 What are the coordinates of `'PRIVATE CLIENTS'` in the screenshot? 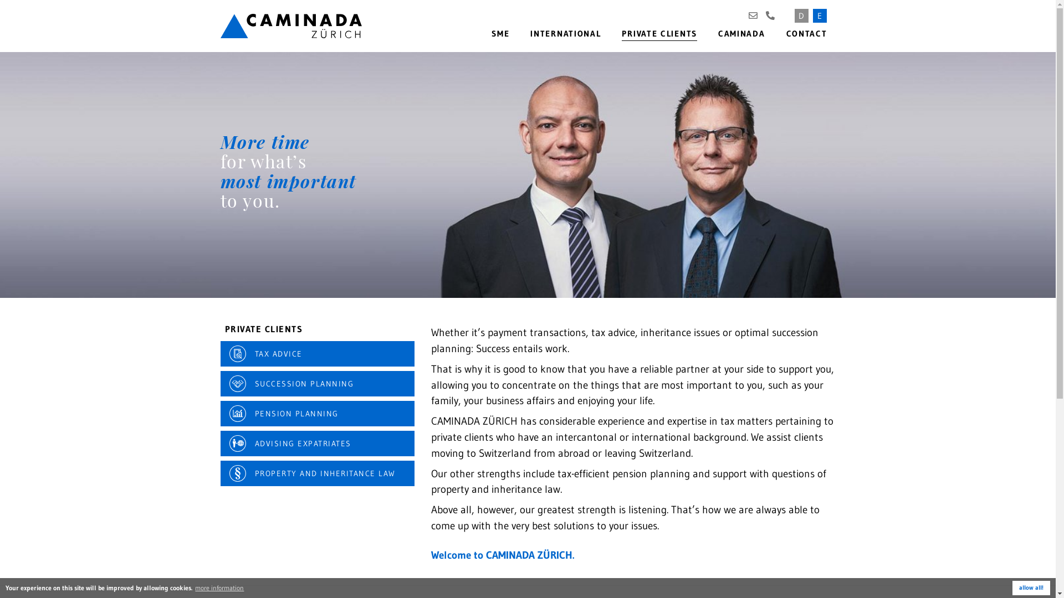 It's located at (659, 33).